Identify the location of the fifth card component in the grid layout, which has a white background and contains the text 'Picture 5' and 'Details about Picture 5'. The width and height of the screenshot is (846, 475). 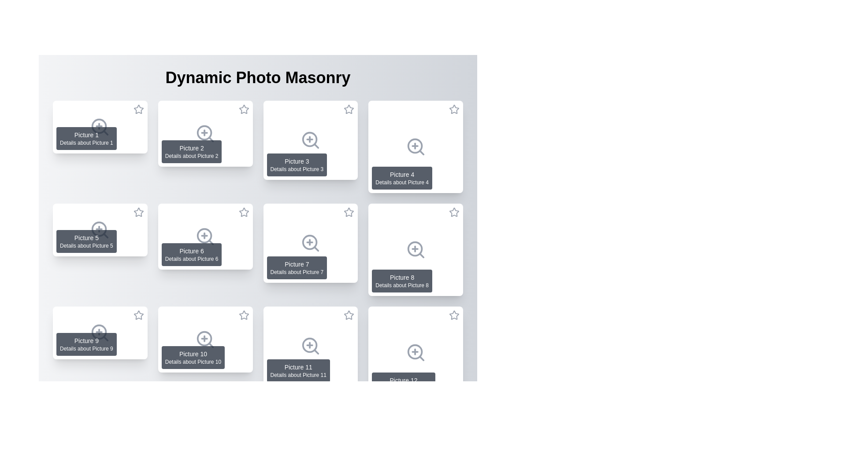
(100, 230).